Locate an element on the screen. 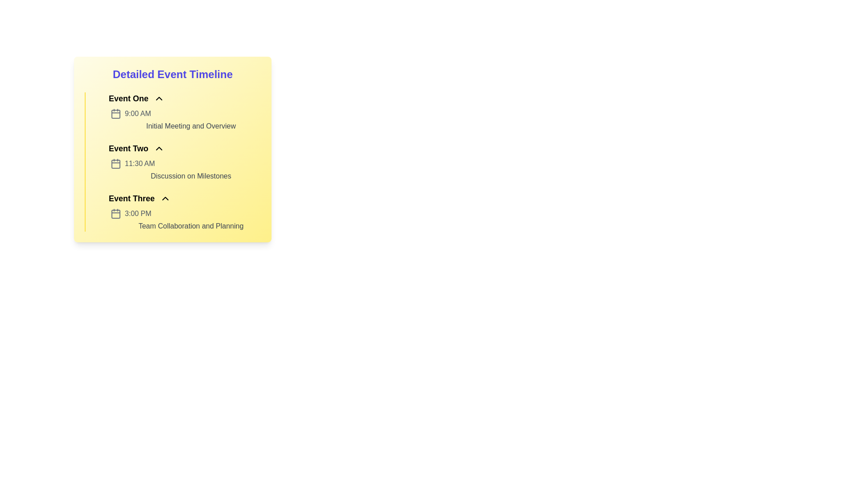 Image resolution: width=856 pixels, height=482 pixels. the button at the start of the 'Event Three' row, which is linked to additional options for this event is located at coordinates (100, 198).